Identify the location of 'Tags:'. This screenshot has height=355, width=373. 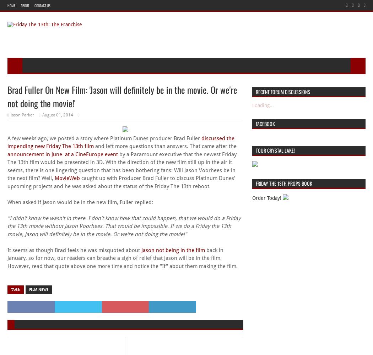
(15, 289).